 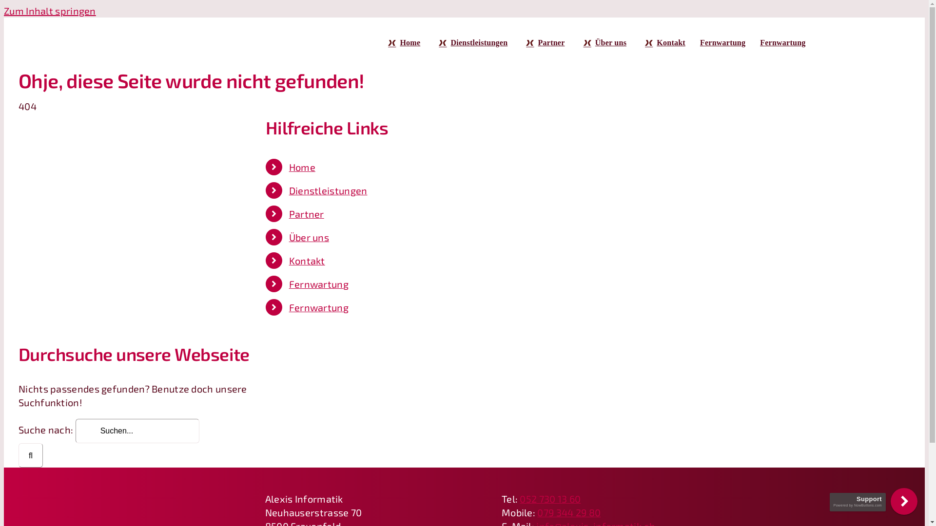 I want to click on 'Dienstleistungen', so click(x=328, y=190).